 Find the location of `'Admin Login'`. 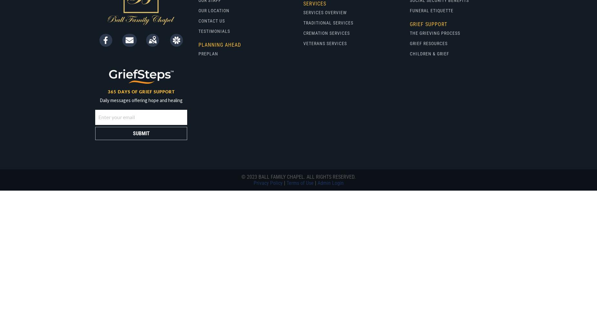

'Admin Login' is located at coordinates (330, 183).